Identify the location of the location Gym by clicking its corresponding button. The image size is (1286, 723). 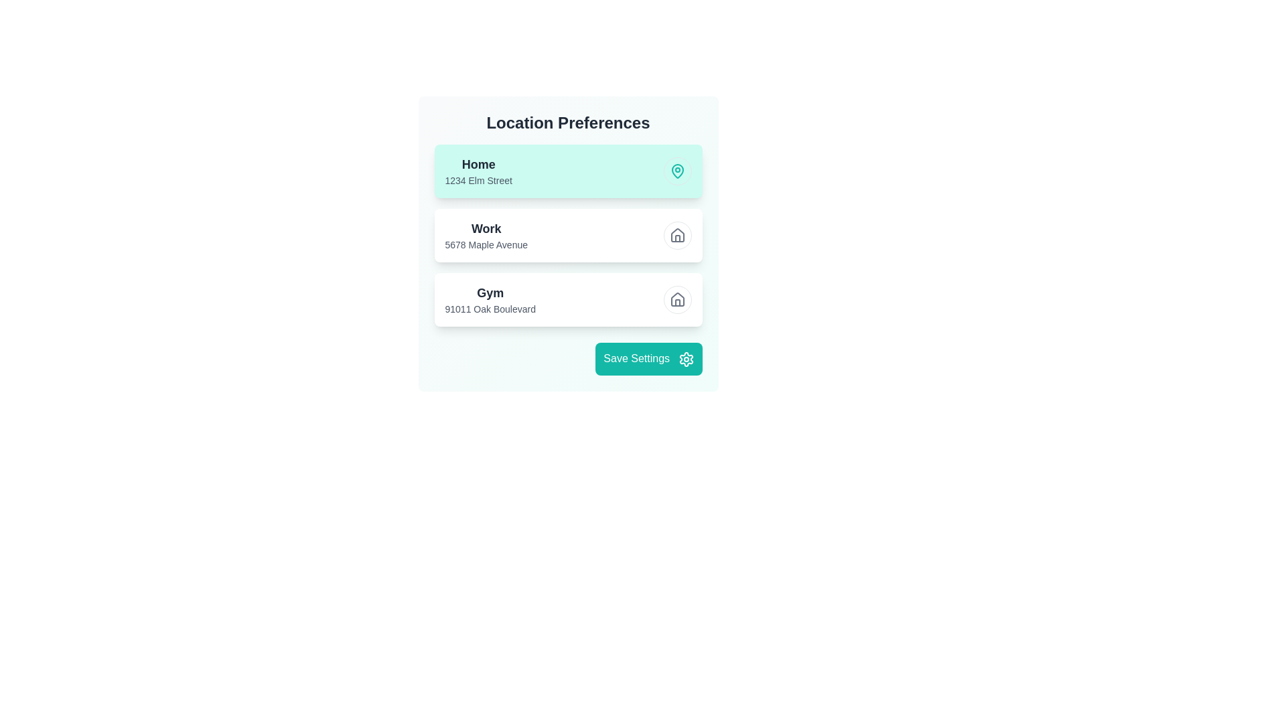
(677, 299).